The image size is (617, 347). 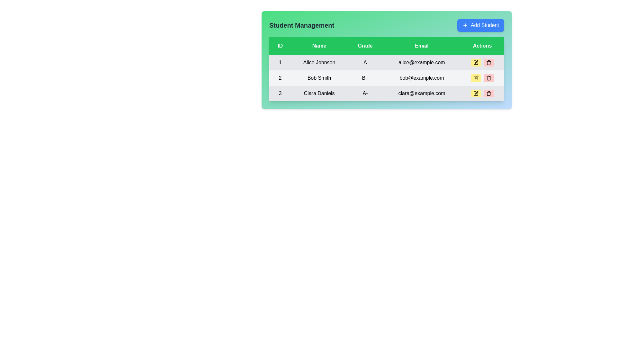 What do you see at coordinates (422, 93) in the screenshot?
I see `email address displayed in the text element showing 'clara@example.com' located in the fourth column of the third row of a table` at bounding box center [422, 93].